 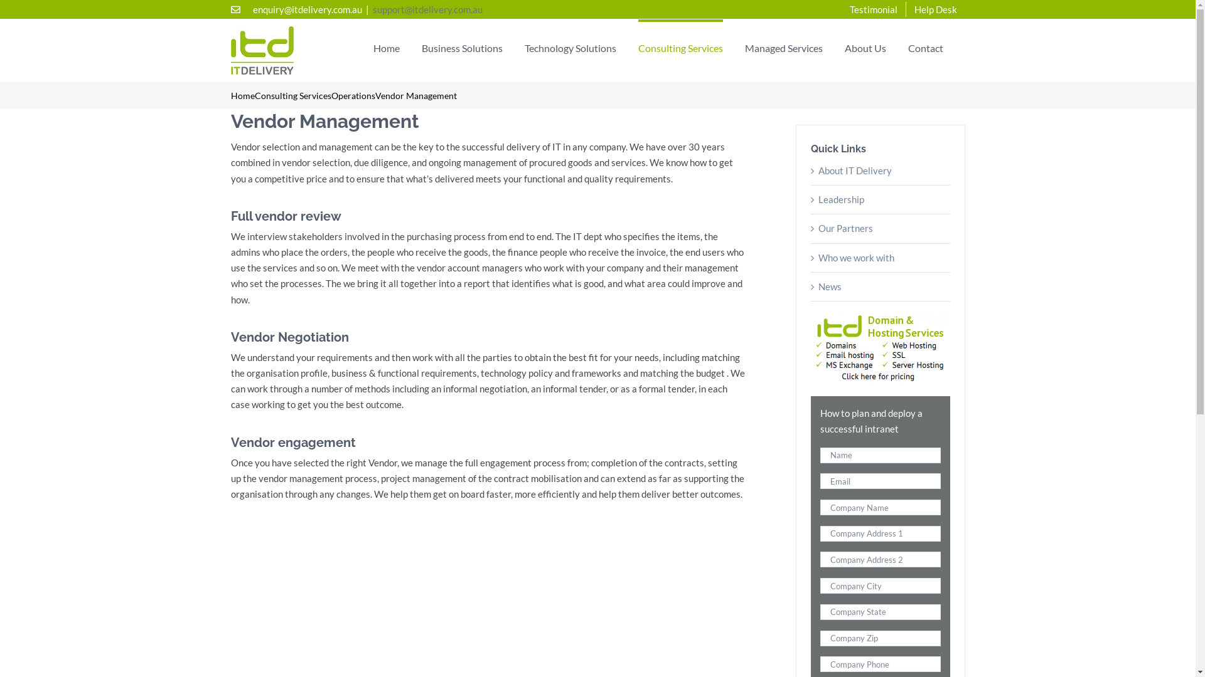 I want to click on 'Operations', so click(x=331, y=95).